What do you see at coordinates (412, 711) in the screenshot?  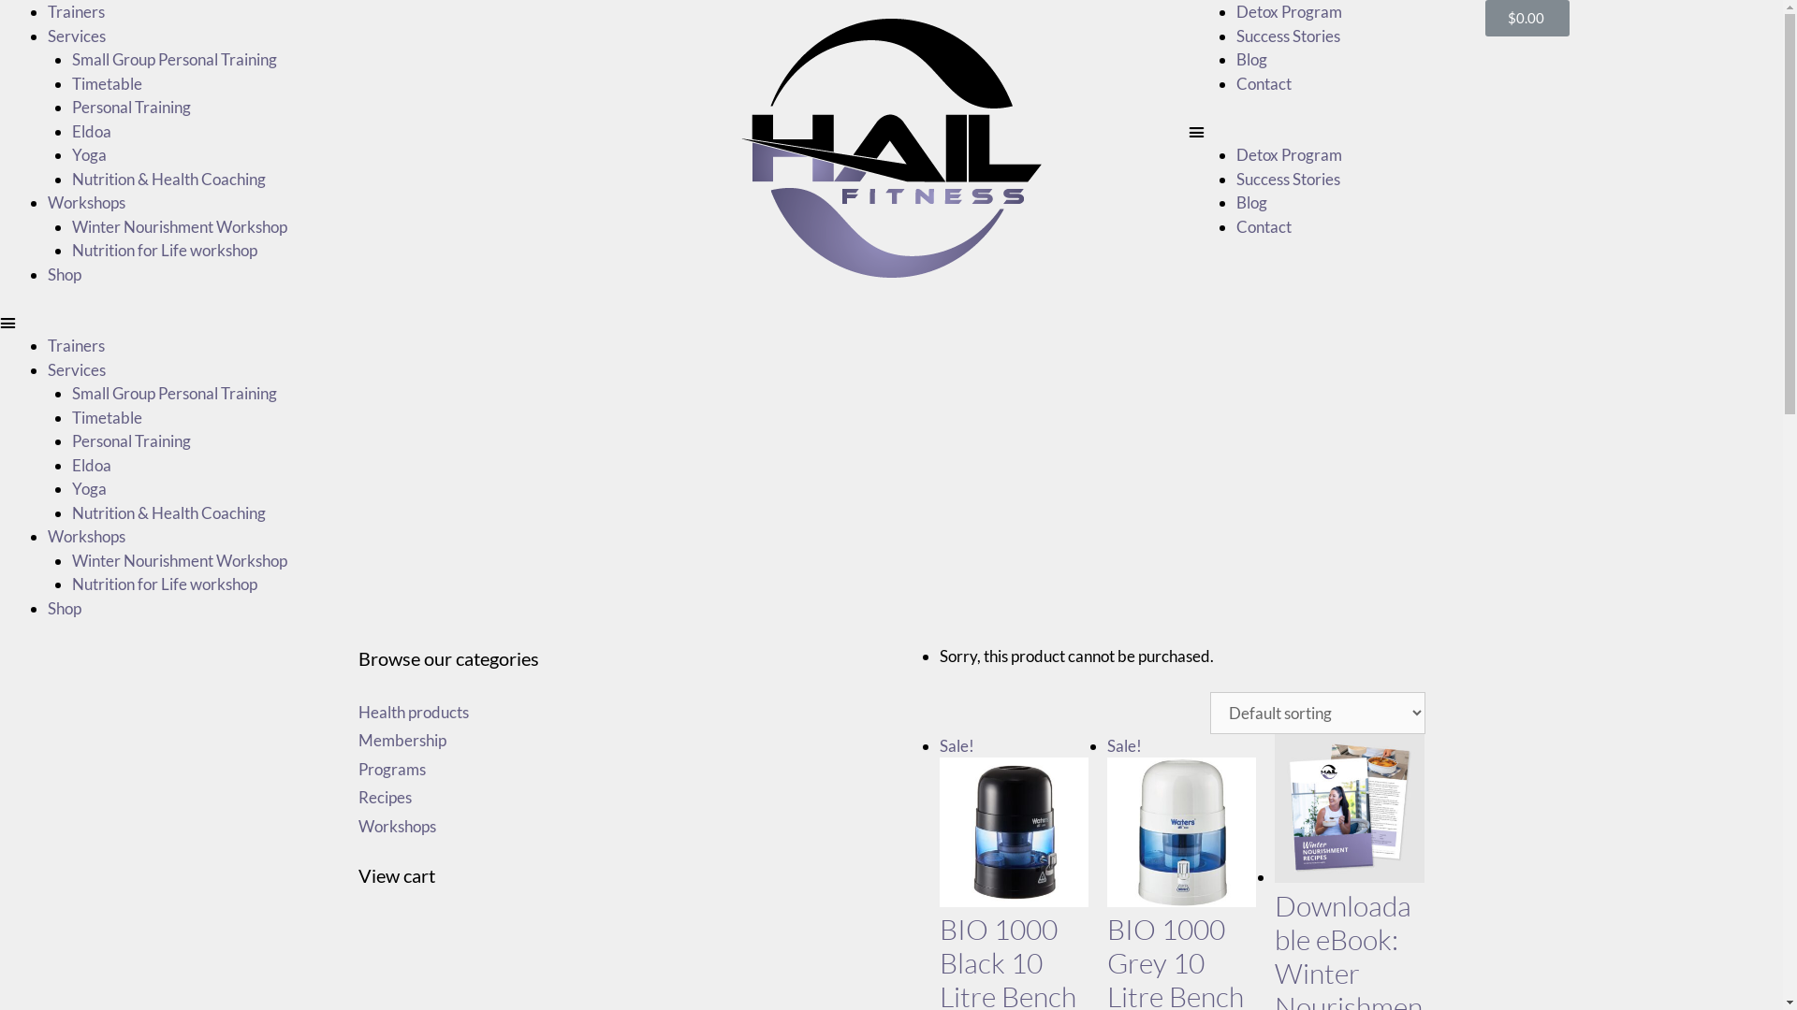 I see `'Health products'` at bounding box center [412, 711].